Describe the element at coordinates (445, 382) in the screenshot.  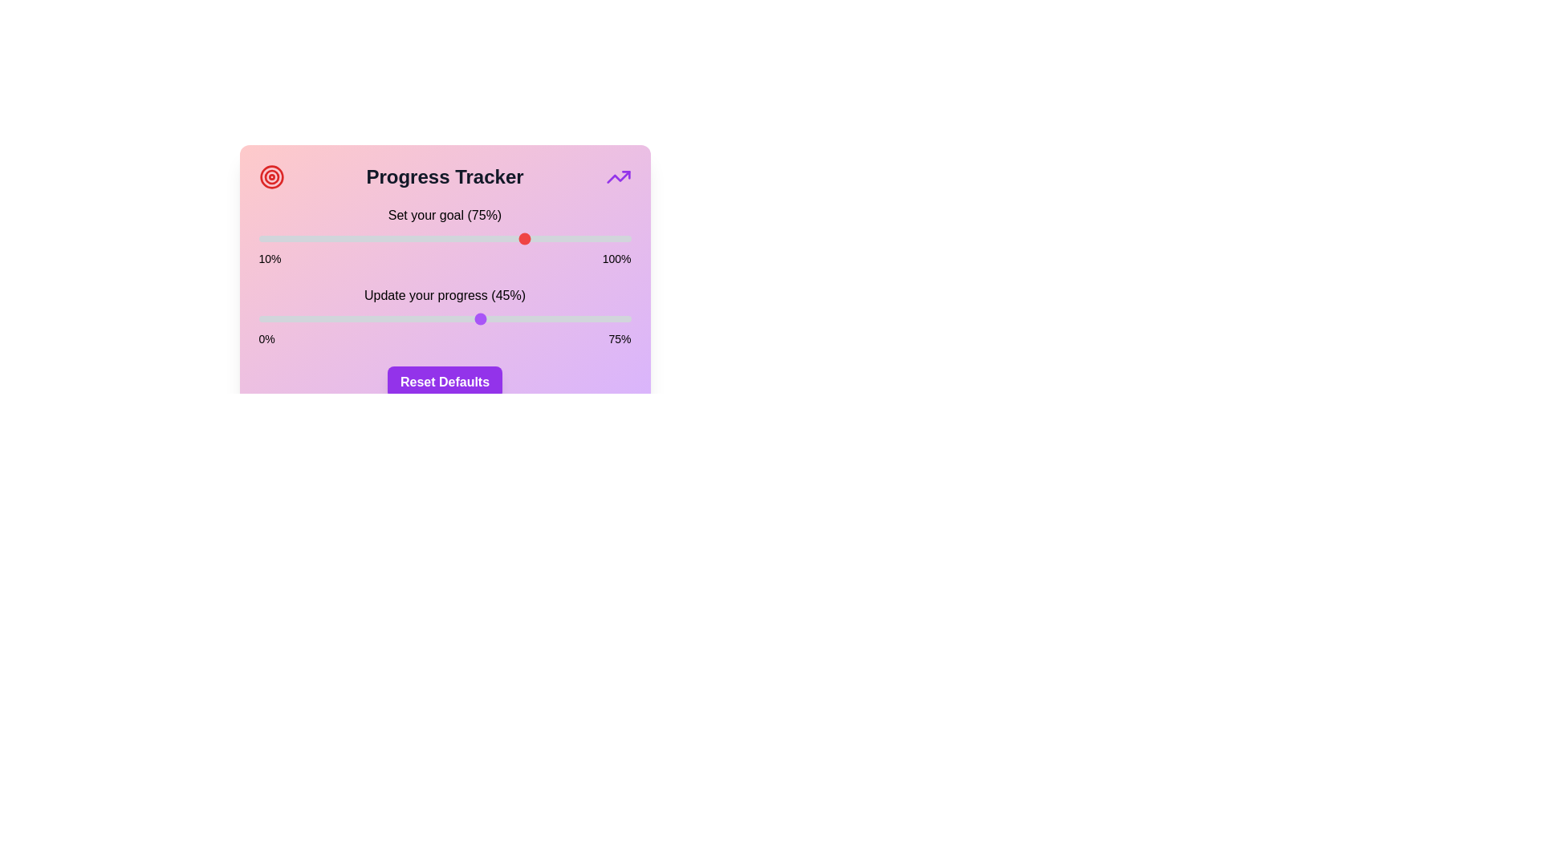
I see `the 'Reset Defaults' button to restore the default goal and progress values` at that location.